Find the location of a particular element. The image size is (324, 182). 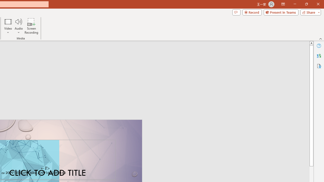

'Screen Recording...' is located at coordinates (31, 26).